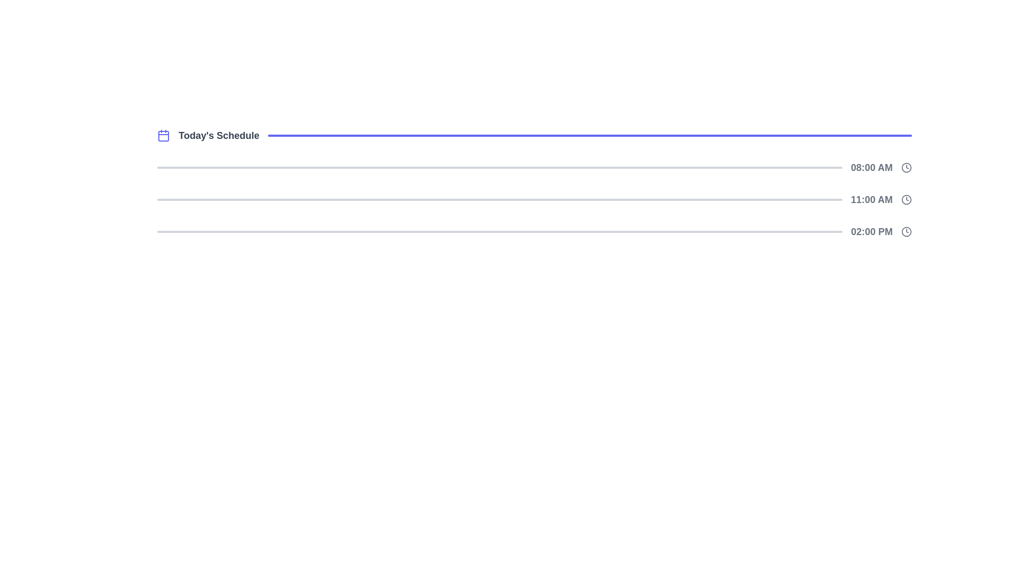 This screenshot has width=1027, height=577. I want to click on time information from the second Schedule time slot element displaying '11:00 AM' located between '08:00 AM' and '02:00 PM', so click(534, 200).